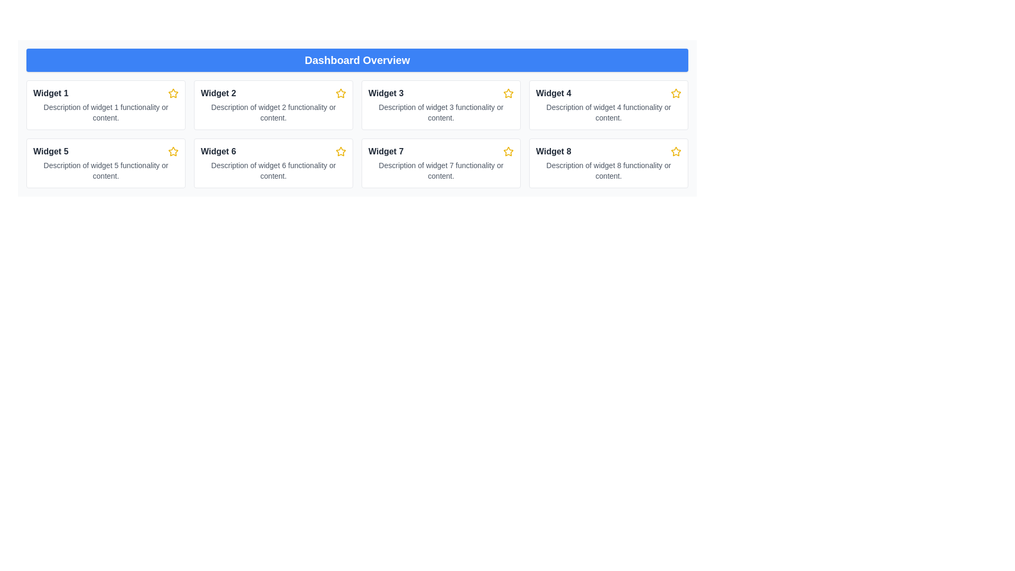 The height and width of the screenshot is (571, 1015). What do you see at coordinates (385, 93) in the screenshot?
I see `the bold black text element reading 'Widget 3' located in the top position of the third card in the first row of the grid layout` at bounding box center [385, 93].